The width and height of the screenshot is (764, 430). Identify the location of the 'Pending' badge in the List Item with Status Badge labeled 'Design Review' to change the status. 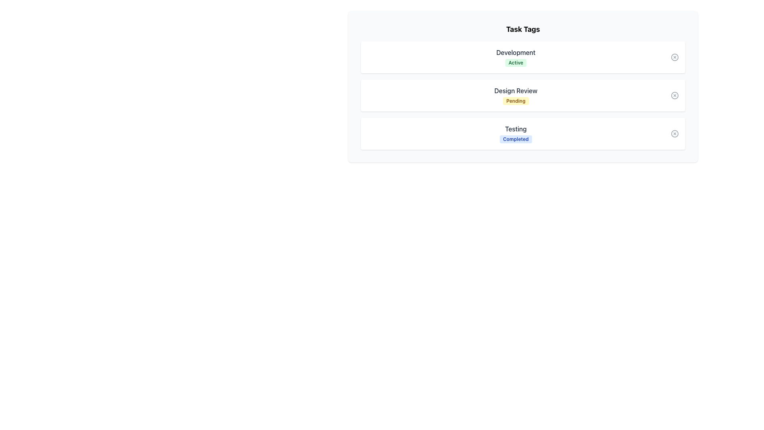
(523, 95).